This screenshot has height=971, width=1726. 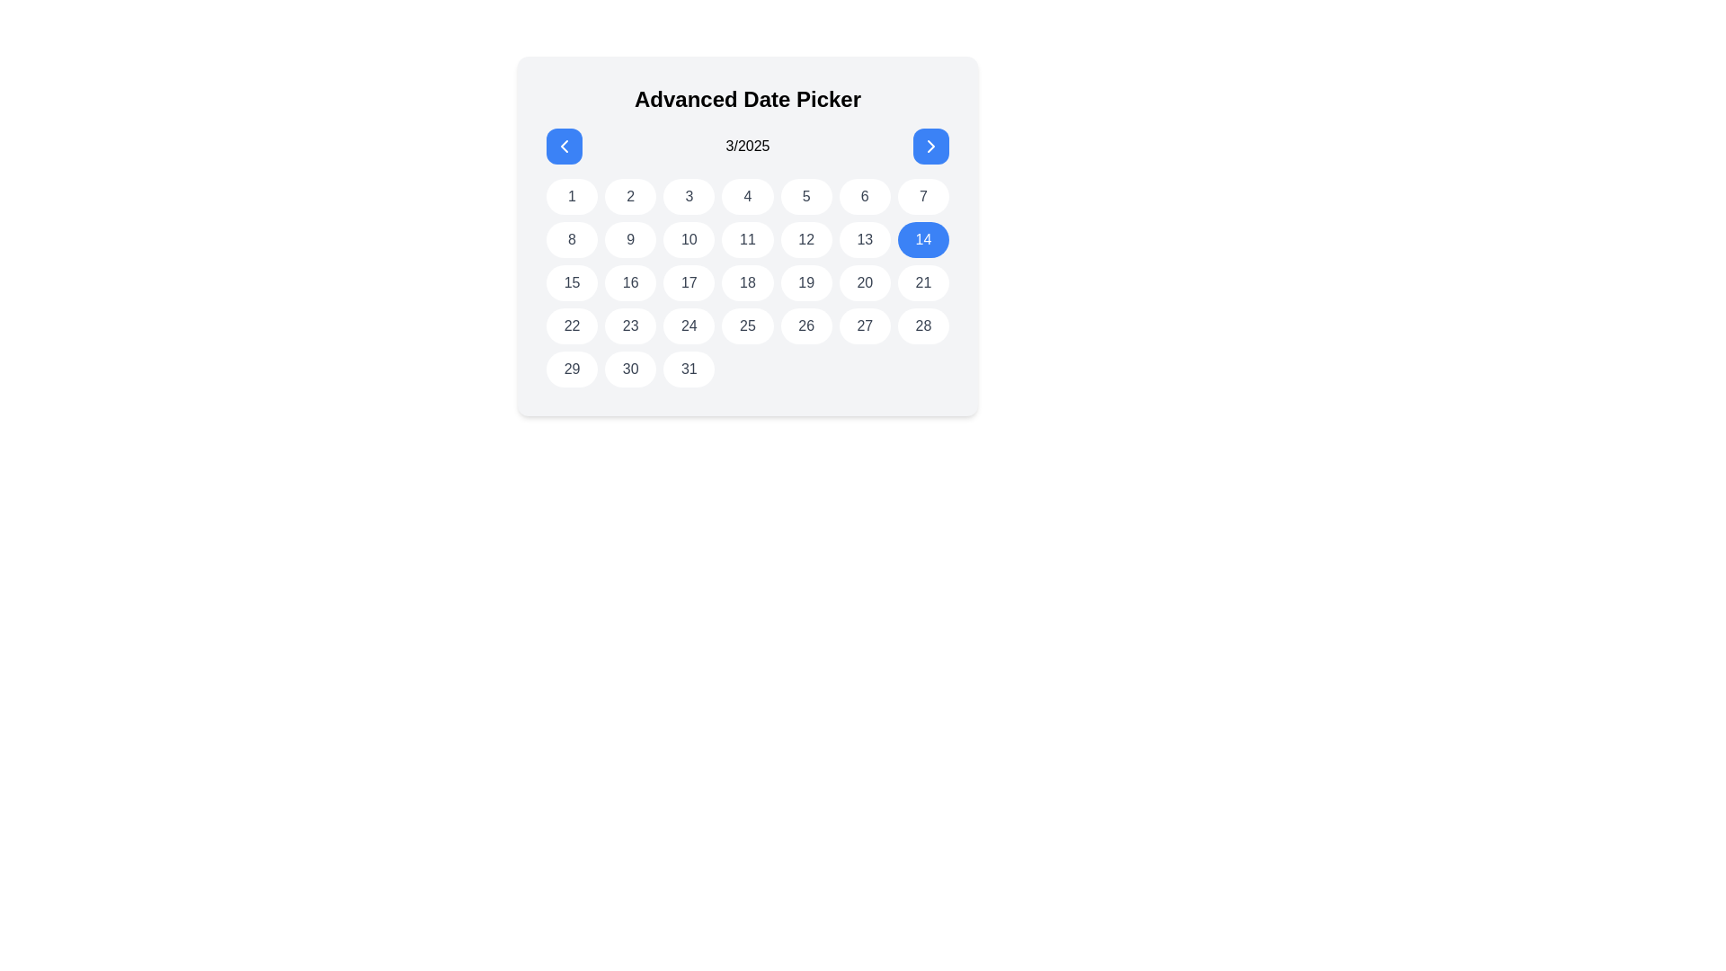 I want to click on the circular button with the number '25' in the 'Advanced Date Picker' calendar interface, so click(x=747, y=325).